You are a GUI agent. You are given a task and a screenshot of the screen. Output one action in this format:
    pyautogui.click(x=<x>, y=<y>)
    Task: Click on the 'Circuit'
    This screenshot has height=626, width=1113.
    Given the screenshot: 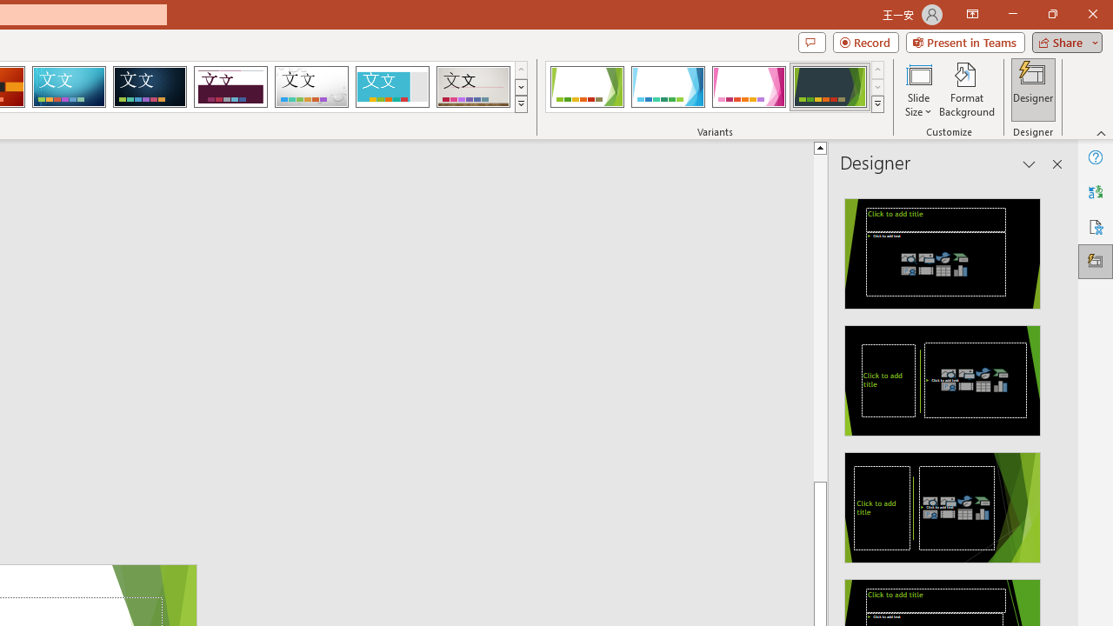 What is the action you would take?
    pyautogui.click(x=69, y=87)
    